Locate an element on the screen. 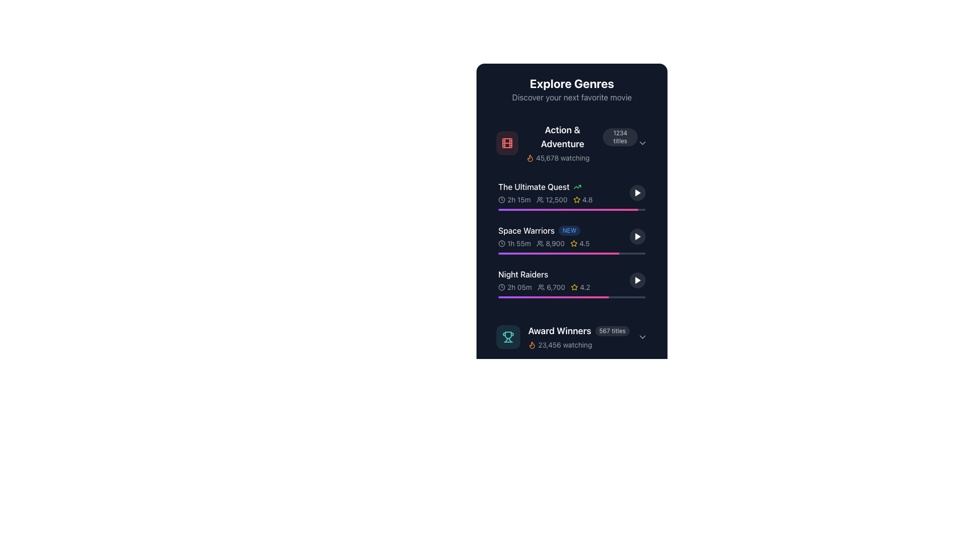  the upward trending green arrow icon located to the right of the title 'The Ultimate Quest' in the 'Explore Genres' list is located at coordinates (577, 186).